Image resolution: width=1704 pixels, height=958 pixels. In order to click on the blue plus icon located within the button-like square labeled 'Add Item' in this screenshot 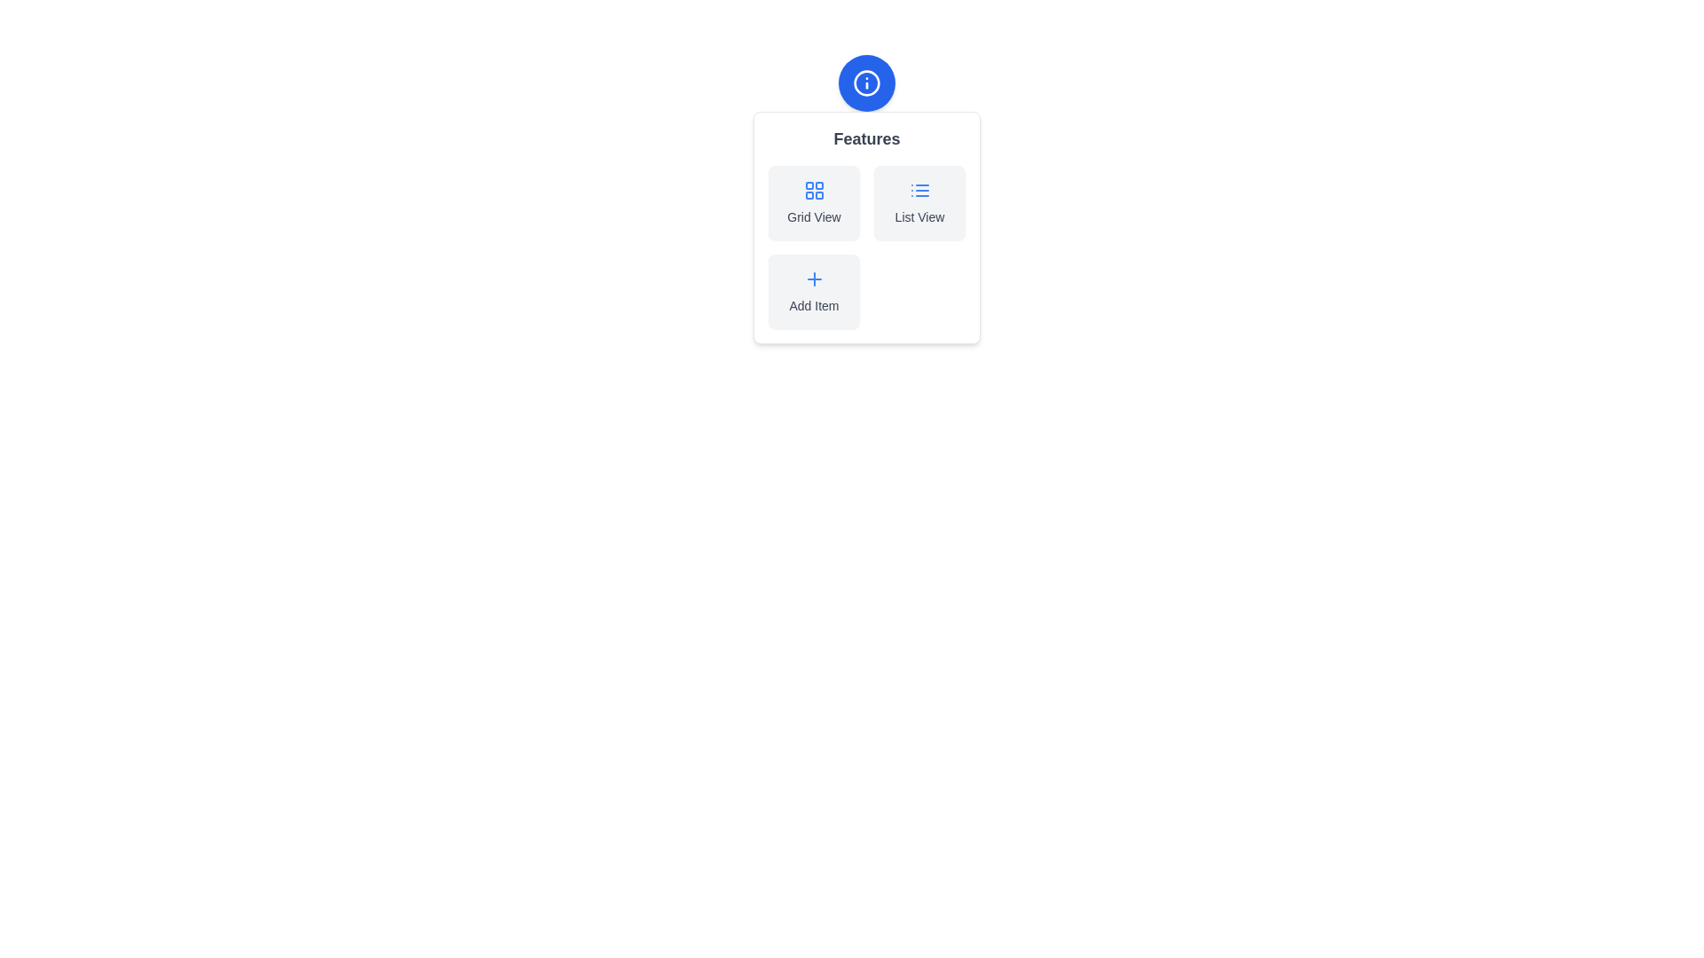, I will do `click(813, 279)`.